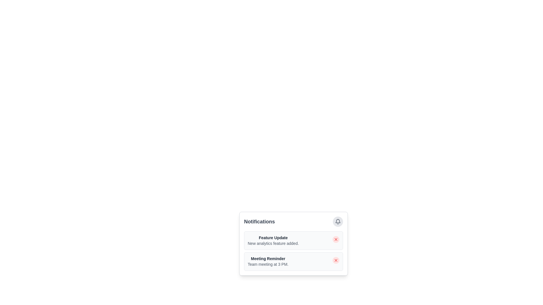 Image resolution: width=543 pixels, height=305 pixels. I want to click on the 'Notifications' text label element, which is displayed in bold and large gray font as part of the notification panel header, so click(259, 221).